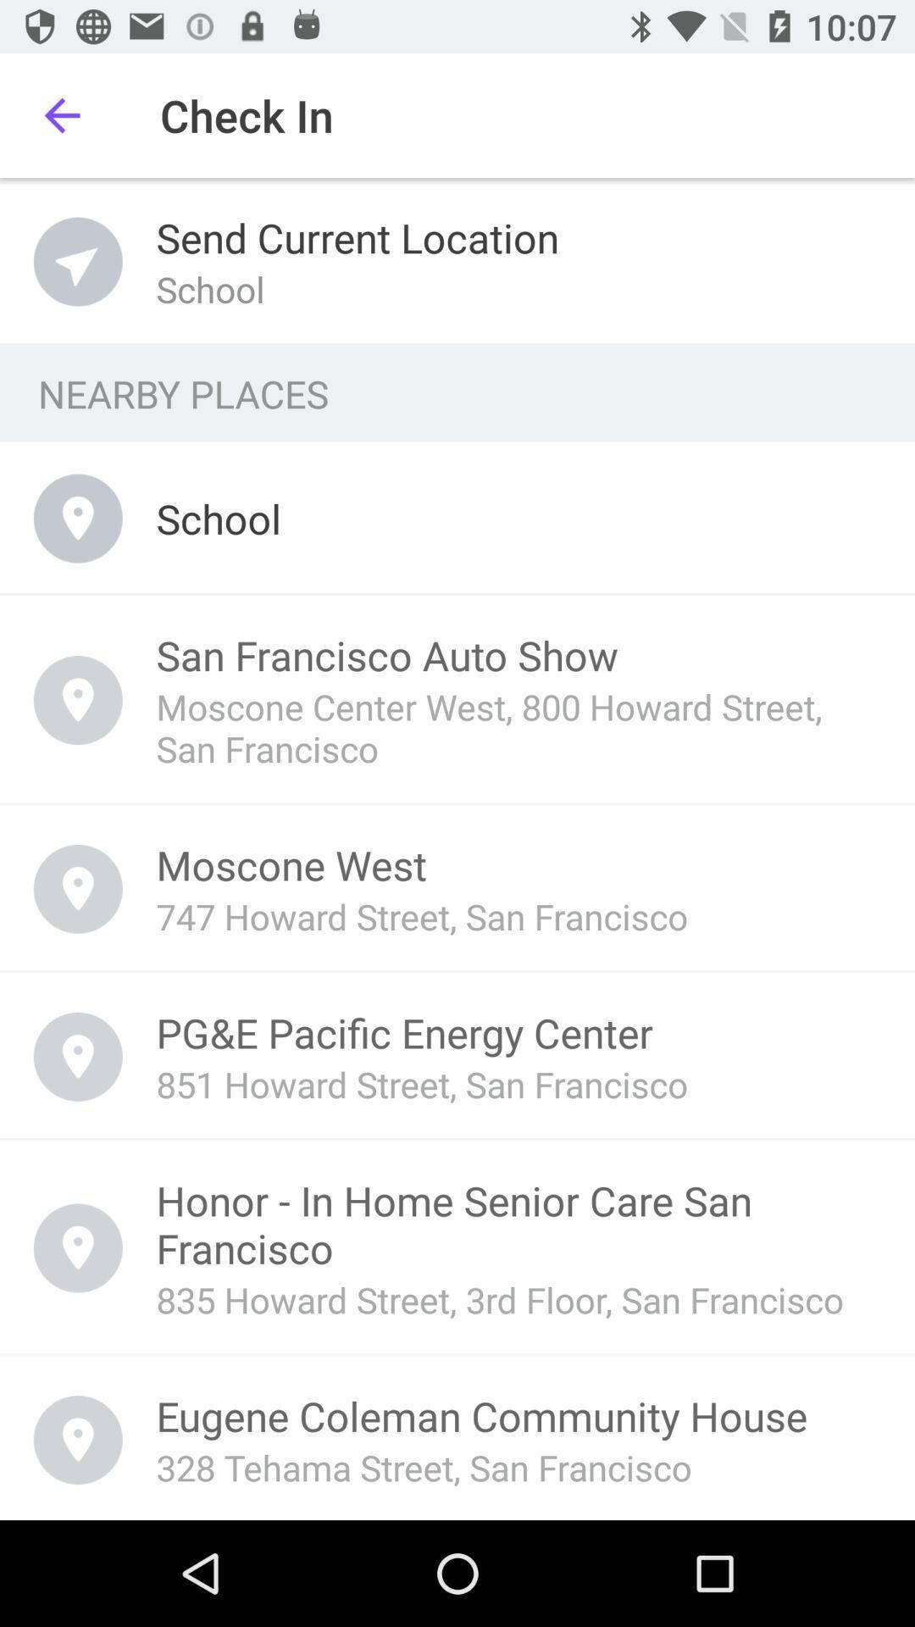 This screenshot has height=1627, width=915. Describe the element at coordinates (78, 261) in the screenshot. I see `the icon which is before send current location` at that location.